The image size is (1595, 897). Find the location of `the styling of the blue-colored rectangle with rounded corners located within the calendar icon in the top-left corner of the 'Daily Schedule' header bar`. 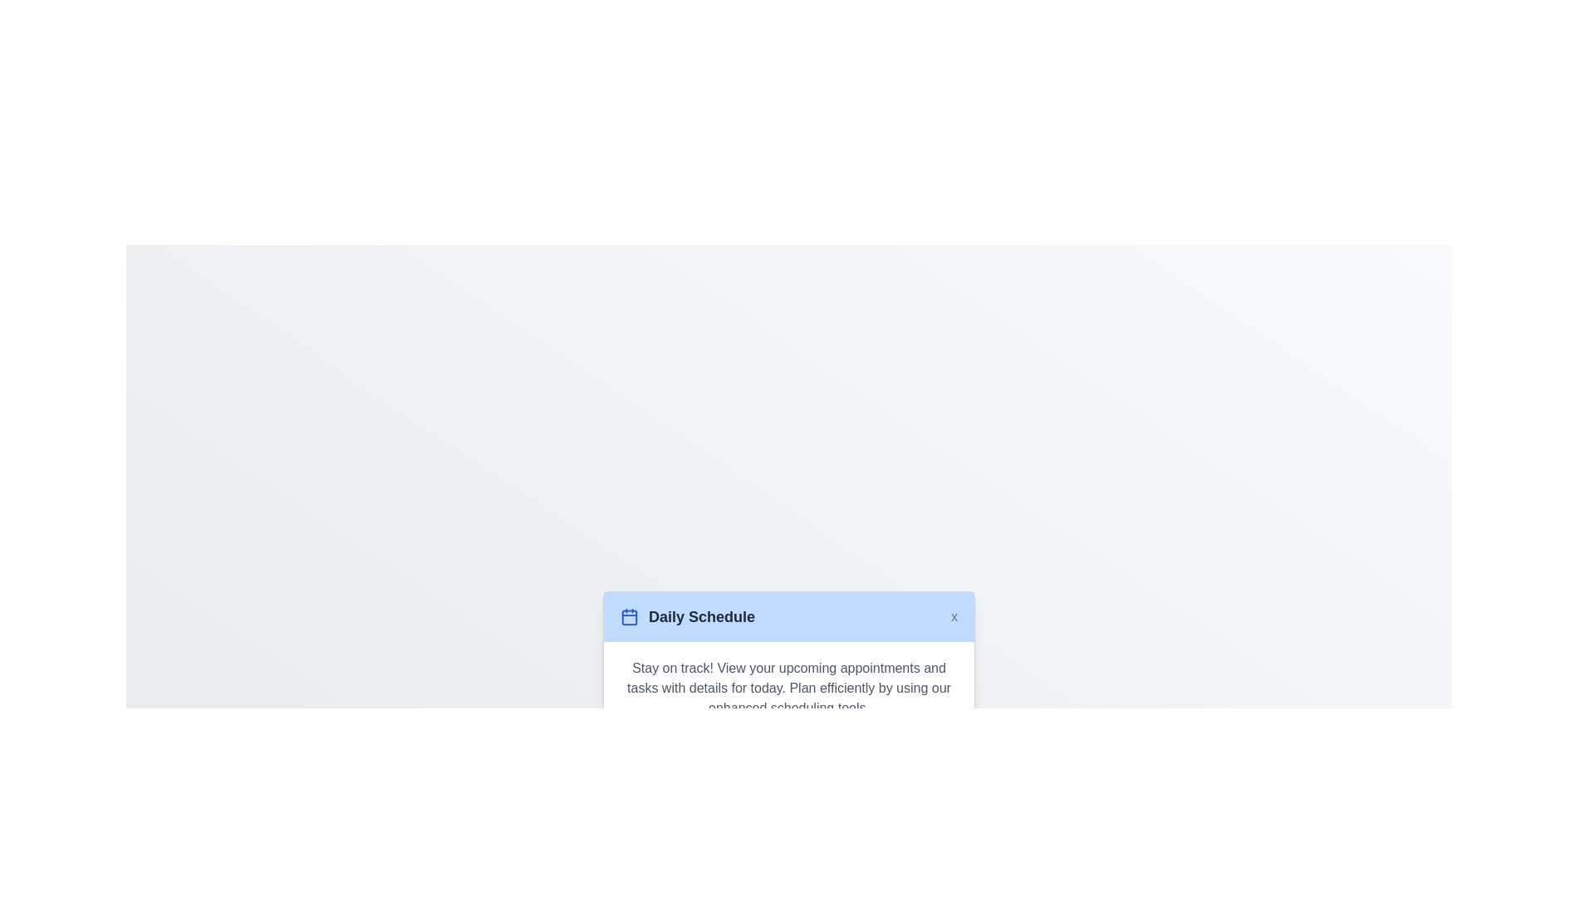

the styling of the blue-colored rectangle with rounded corners located within the calendar icon in the top-left corner of the 'Daily Schedule' header bar is located at coordinates (629, 617).